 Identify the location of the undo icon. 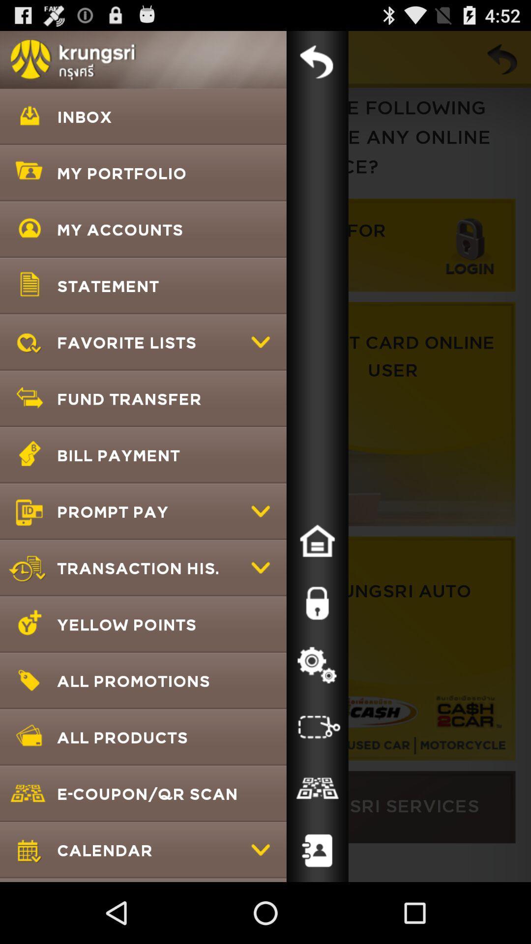
(317, 65).